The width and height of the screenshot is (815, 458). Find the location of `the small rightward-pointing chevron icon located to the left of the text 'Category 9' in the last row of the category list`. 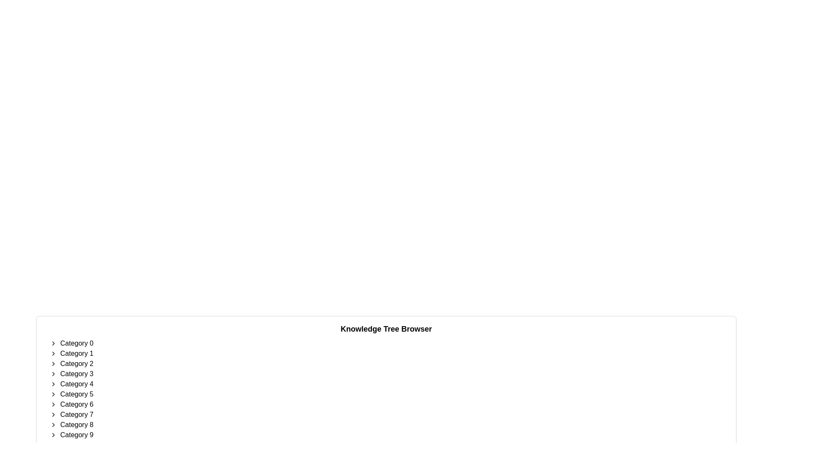

the small rightward-pointing chevron icon located to the left of the text 'Category 9' in the last row of the category list is located at coordinates (53, 435).